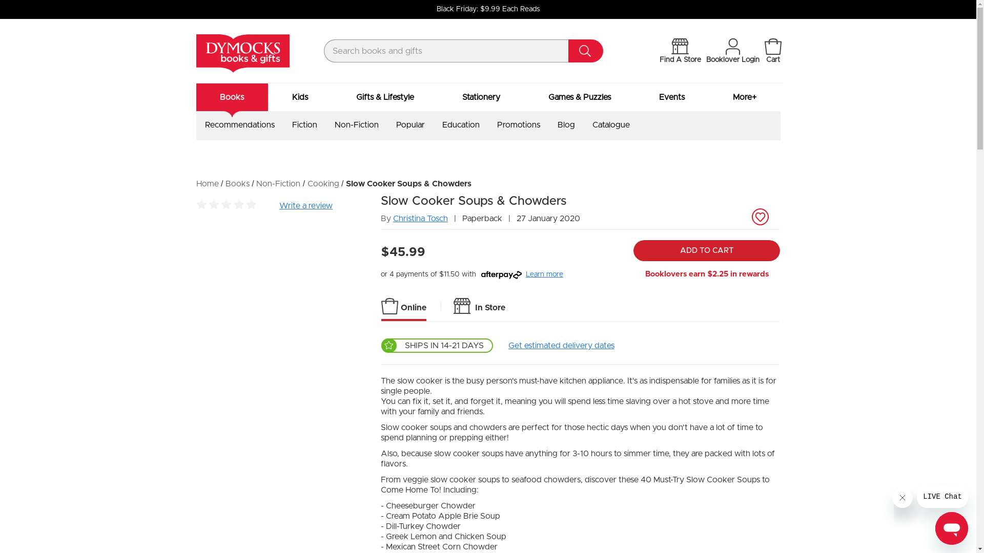 The height and width of the screenshot is (553, 984). I want to click on 'In Store', so click(453, 306).